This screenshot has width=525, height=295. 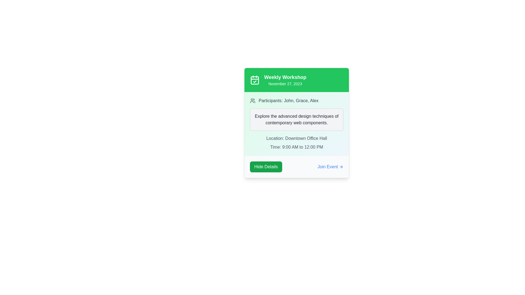 What do you see at coordinates (254, 80) in the screenshot?
I see `the calendar icon with a checkmark, which is located in the green header section displaying 'Weekly Workshop' and the date 'November 27, 2023', positioned to the left of the title text` at bounding box center [254, 80].